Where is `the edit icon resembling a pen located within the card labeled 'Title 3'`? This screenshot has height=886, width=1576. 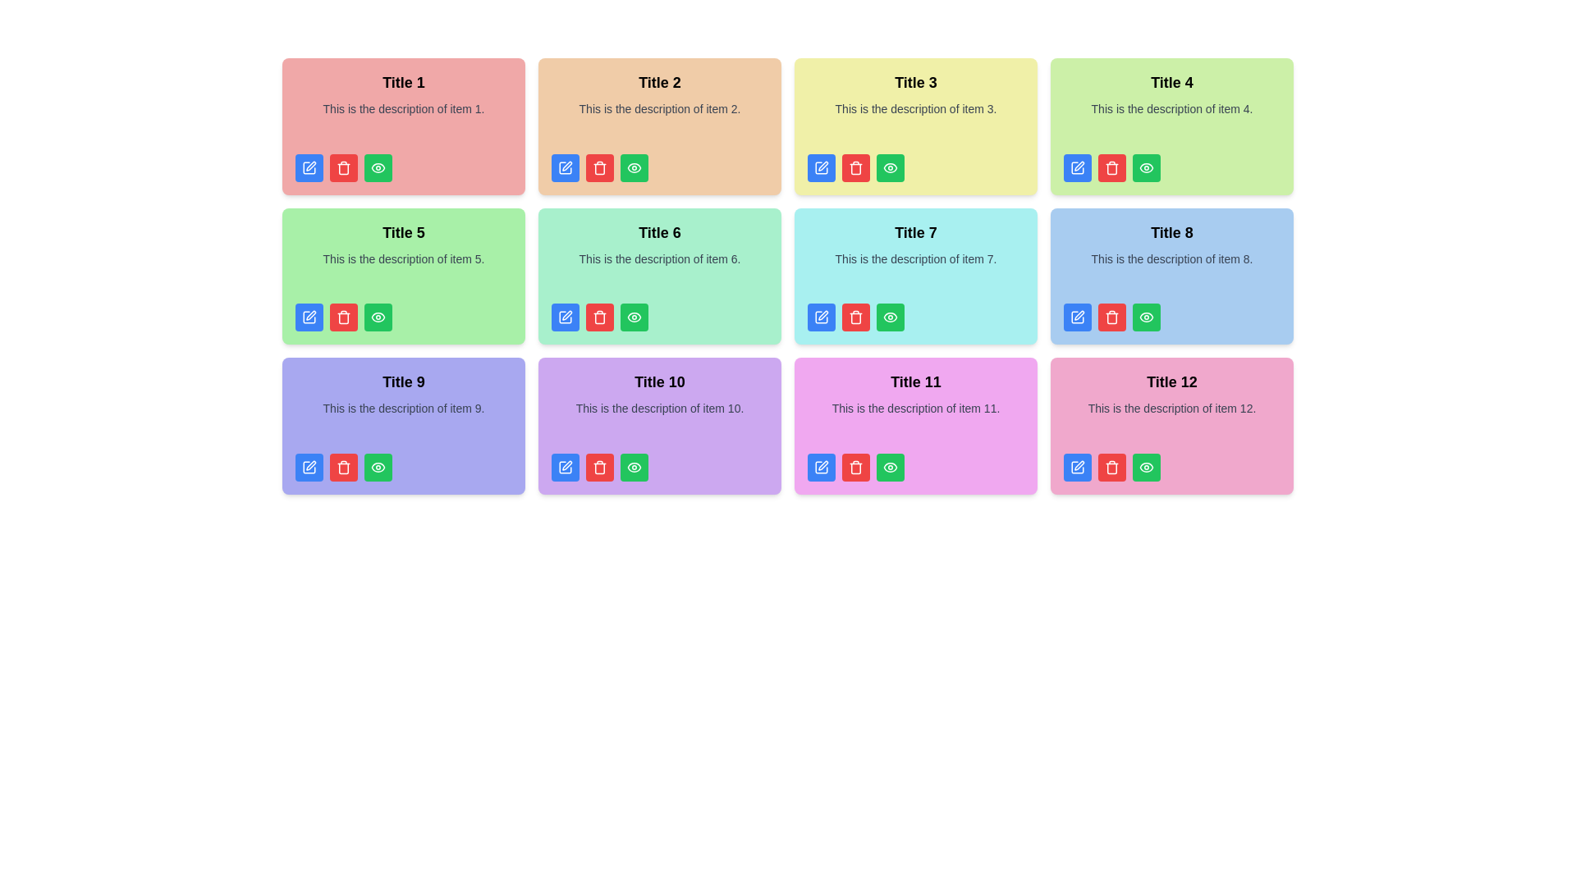 the edit icon resembling a pen located within the card labeled 'Title 3' is located at coordinates (823, 166).